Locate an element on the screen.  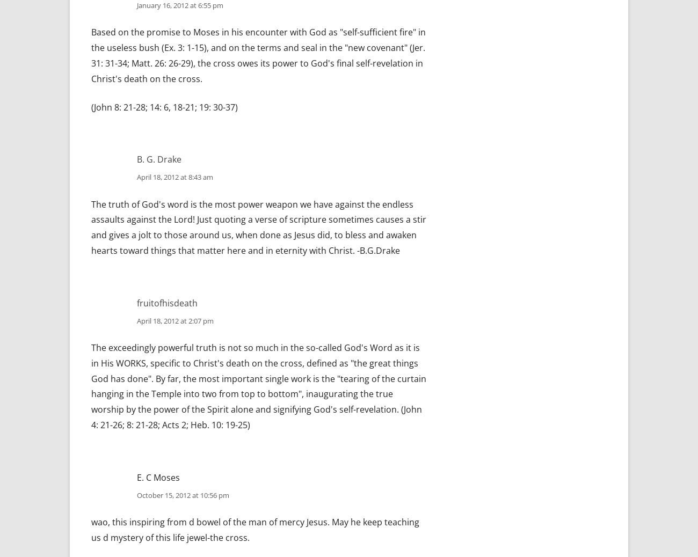
'fruitofhisdeath' is located at coordinates (167, 302).